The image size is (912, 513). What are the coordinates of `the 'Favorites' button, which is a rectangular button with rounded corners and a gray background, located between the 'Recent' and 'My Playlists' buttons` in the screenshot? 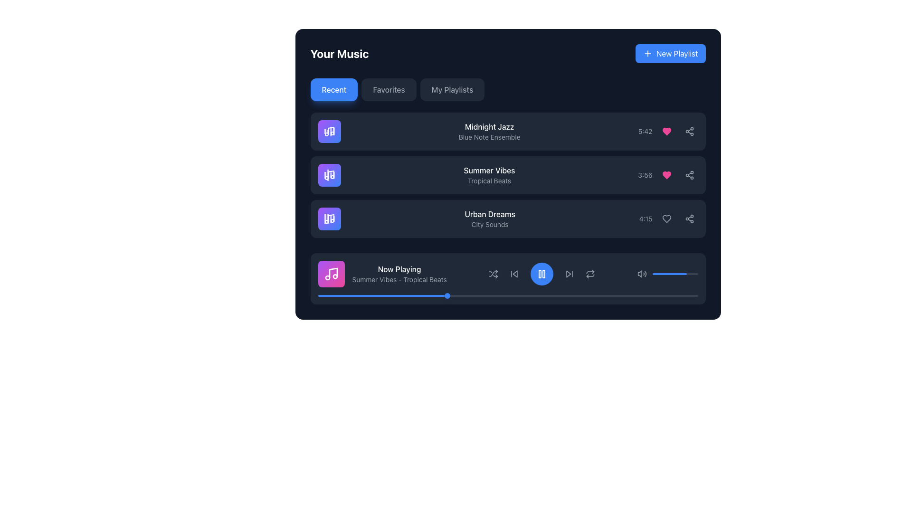 It's located at (389, 90).